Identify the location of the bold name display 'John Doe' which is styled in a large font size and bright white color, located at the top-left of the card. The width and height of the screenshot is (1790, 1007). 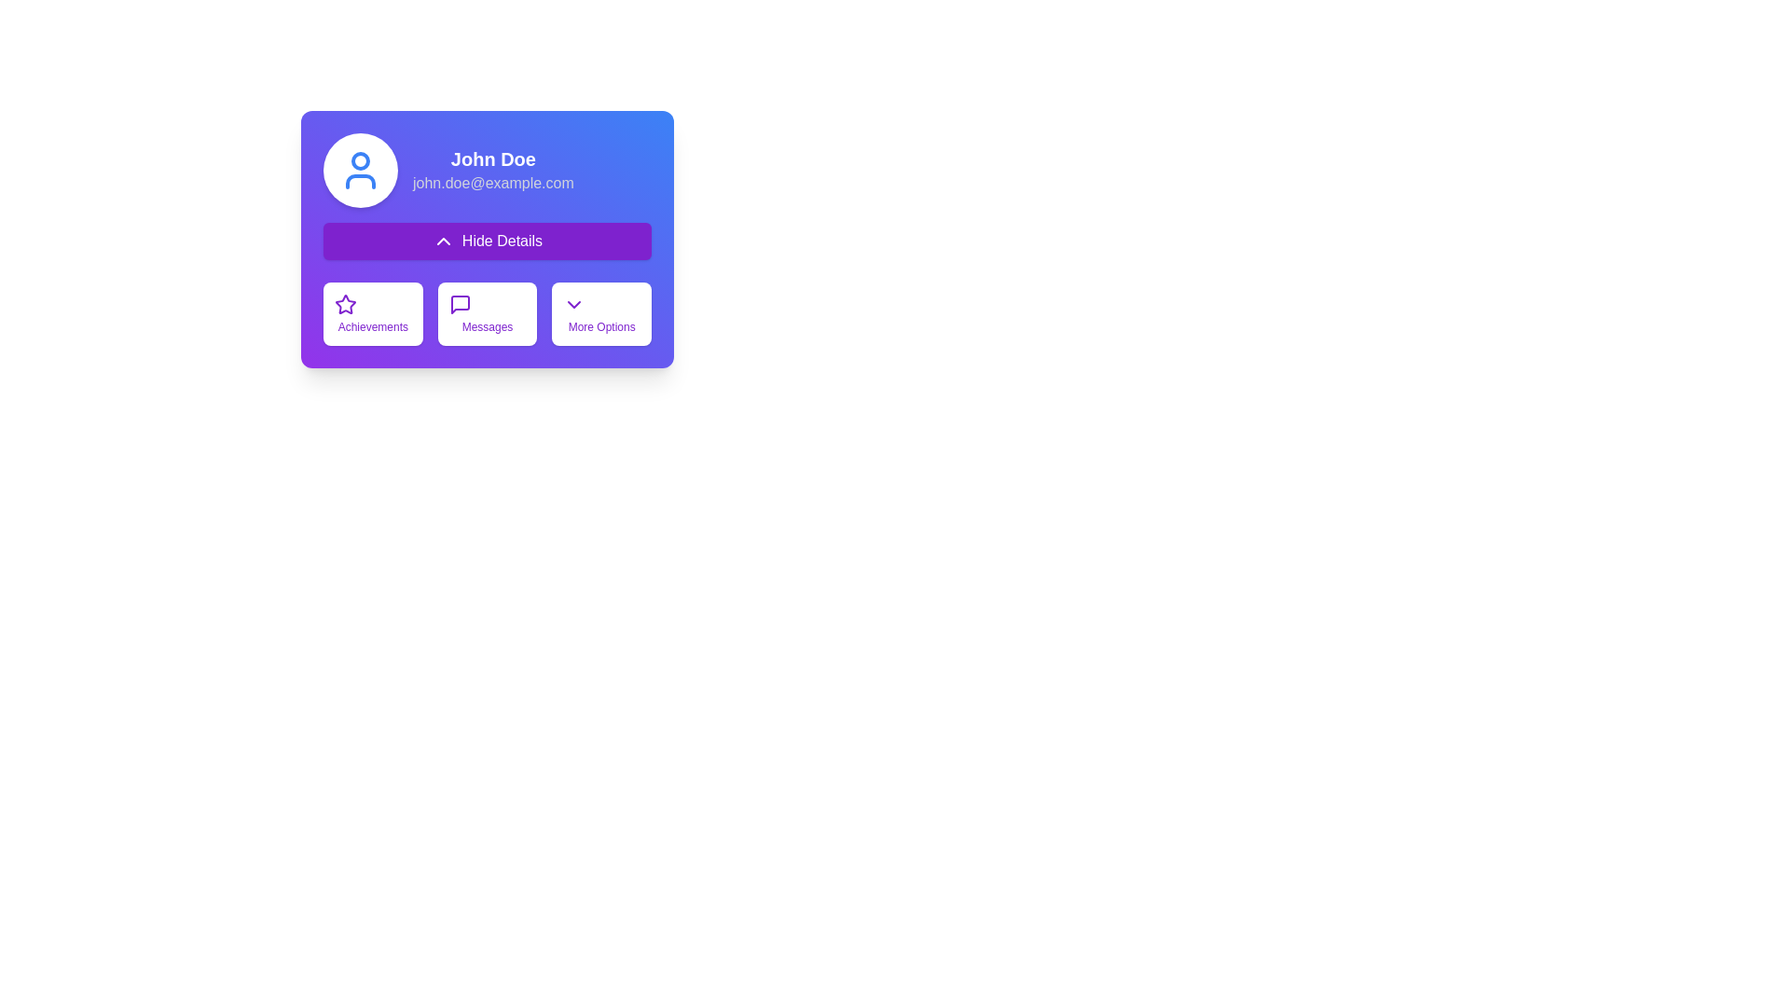
(493, 158).